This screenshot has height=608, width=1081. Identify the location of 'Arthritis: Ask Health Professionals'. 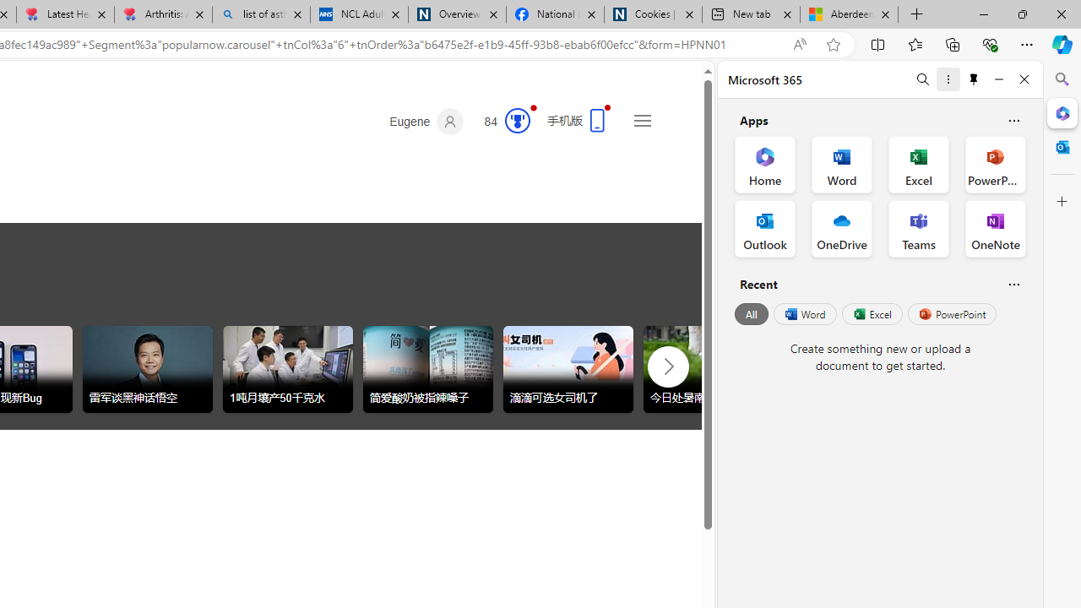
(163, 14).